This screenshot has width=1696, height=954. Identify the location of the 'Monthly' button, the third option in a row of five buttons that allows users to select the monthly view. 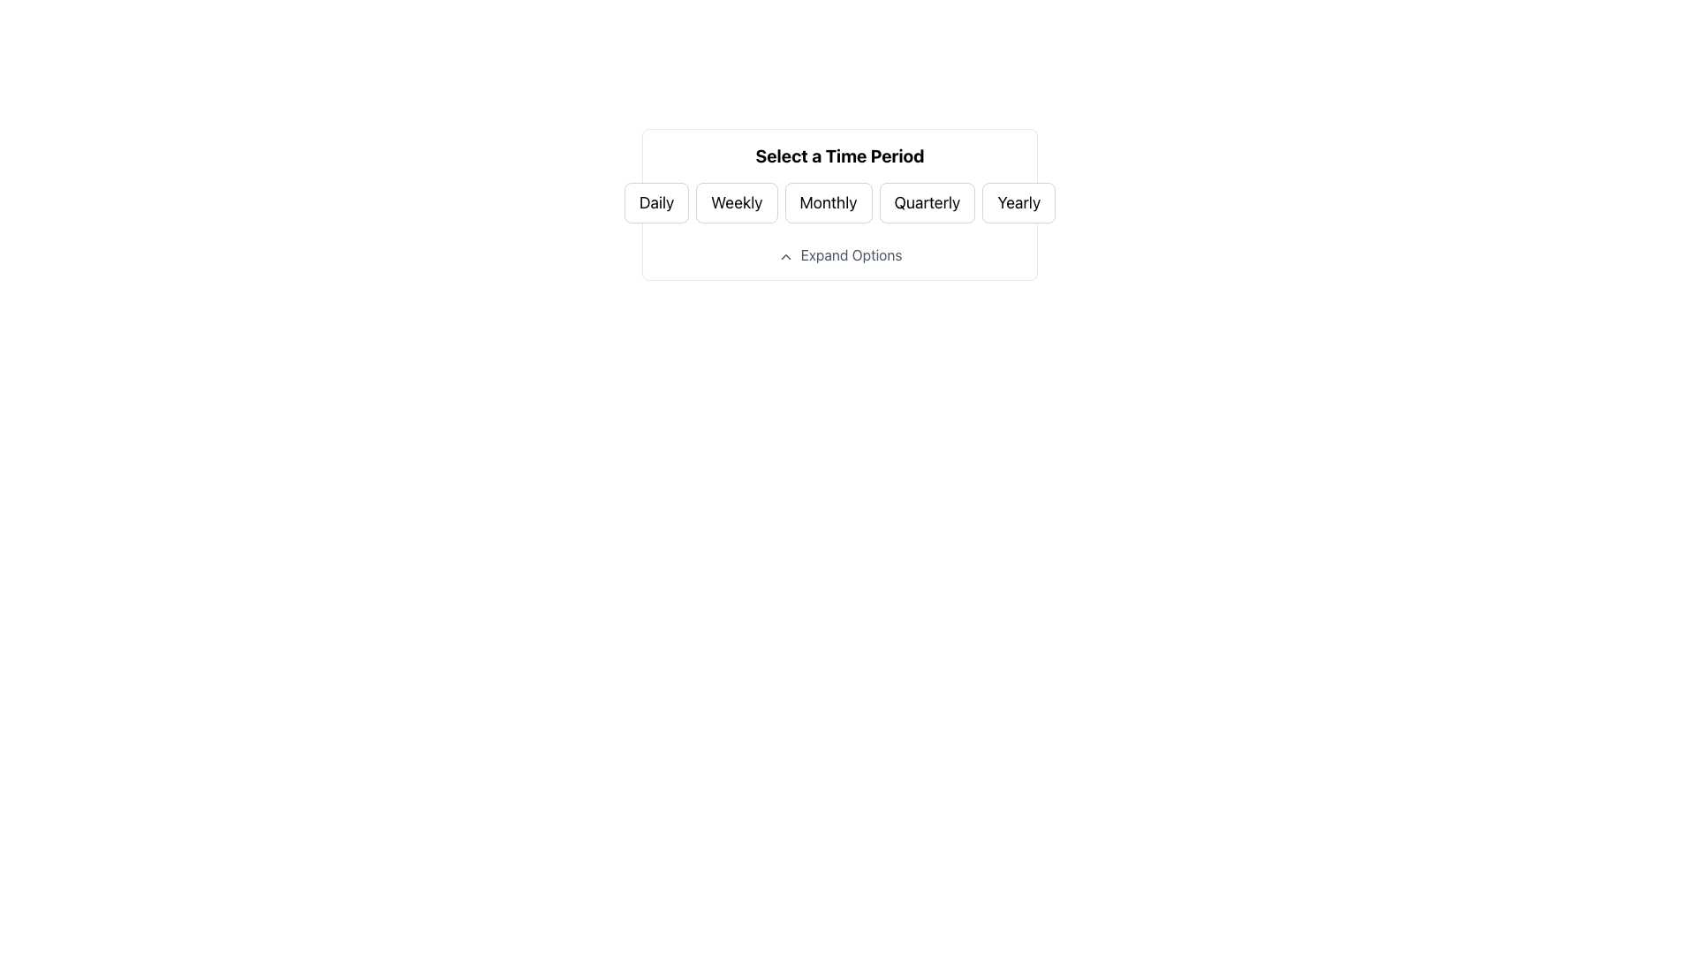
(828, 202).